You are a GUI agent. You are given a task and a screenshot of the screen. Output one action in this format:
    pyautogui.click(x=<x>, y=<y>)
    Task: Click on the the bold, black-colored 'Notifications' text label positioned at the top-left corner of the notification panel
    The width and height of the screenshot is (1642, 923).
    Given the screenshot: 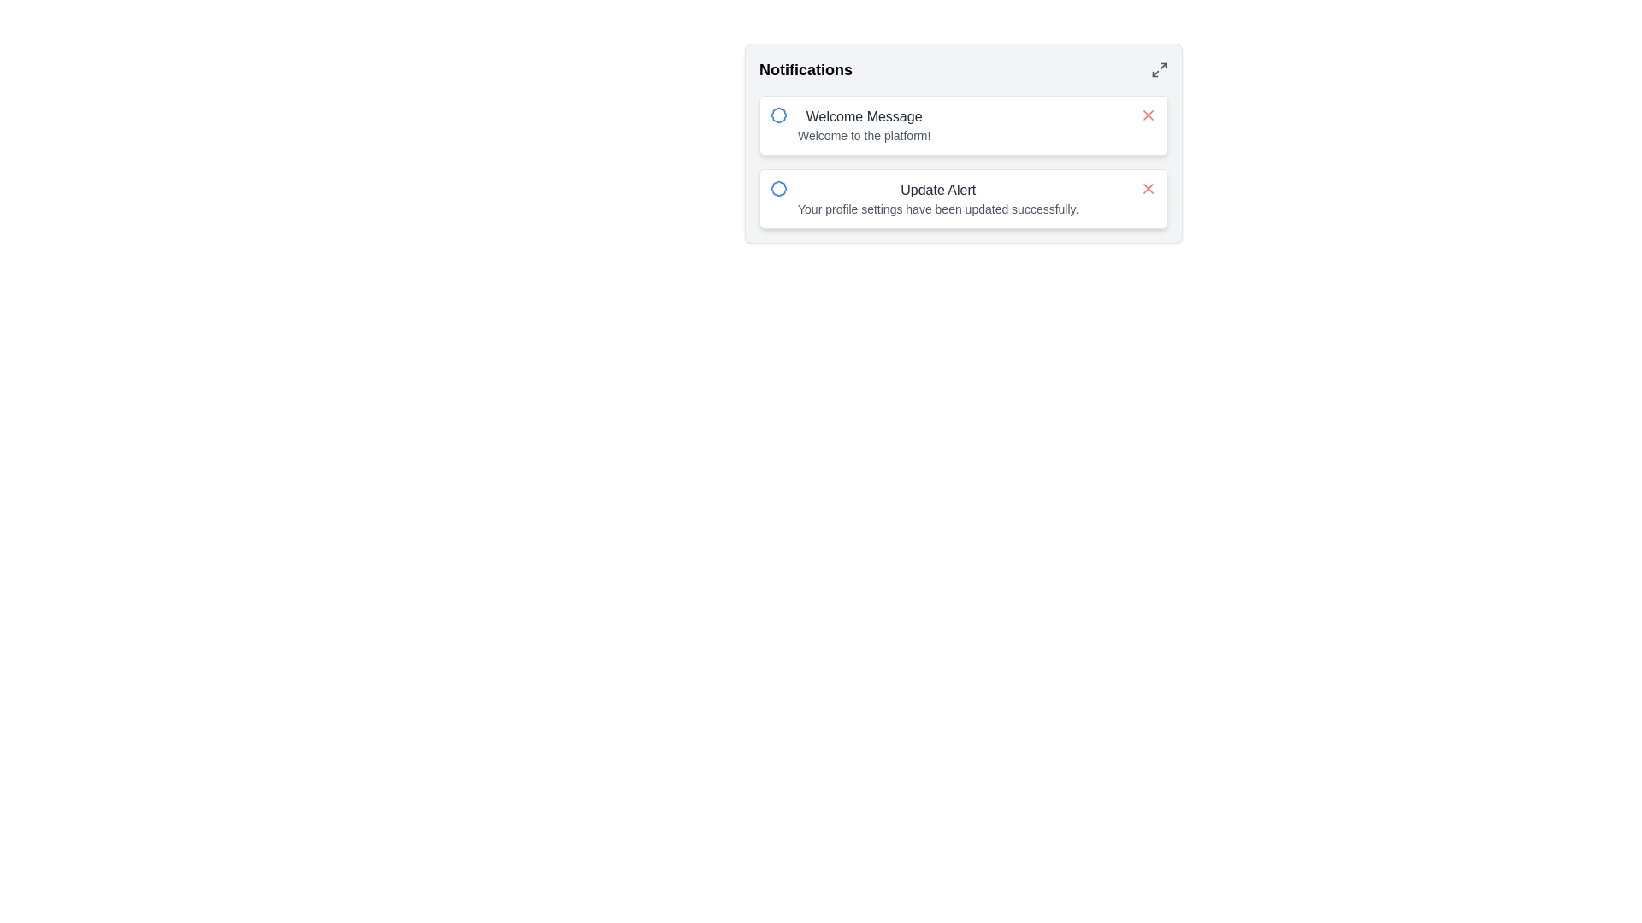 What is the action you would take?
    pyautogui.click(x=805, y=68)
    